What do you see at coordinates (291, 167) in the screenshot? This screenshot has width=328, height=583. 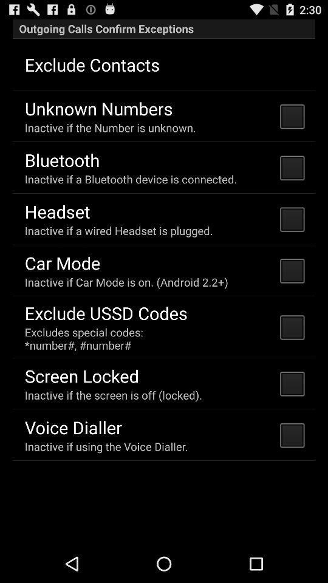 I see `check box which is at the right side of bluetooth` at bounding box center [291, 167].